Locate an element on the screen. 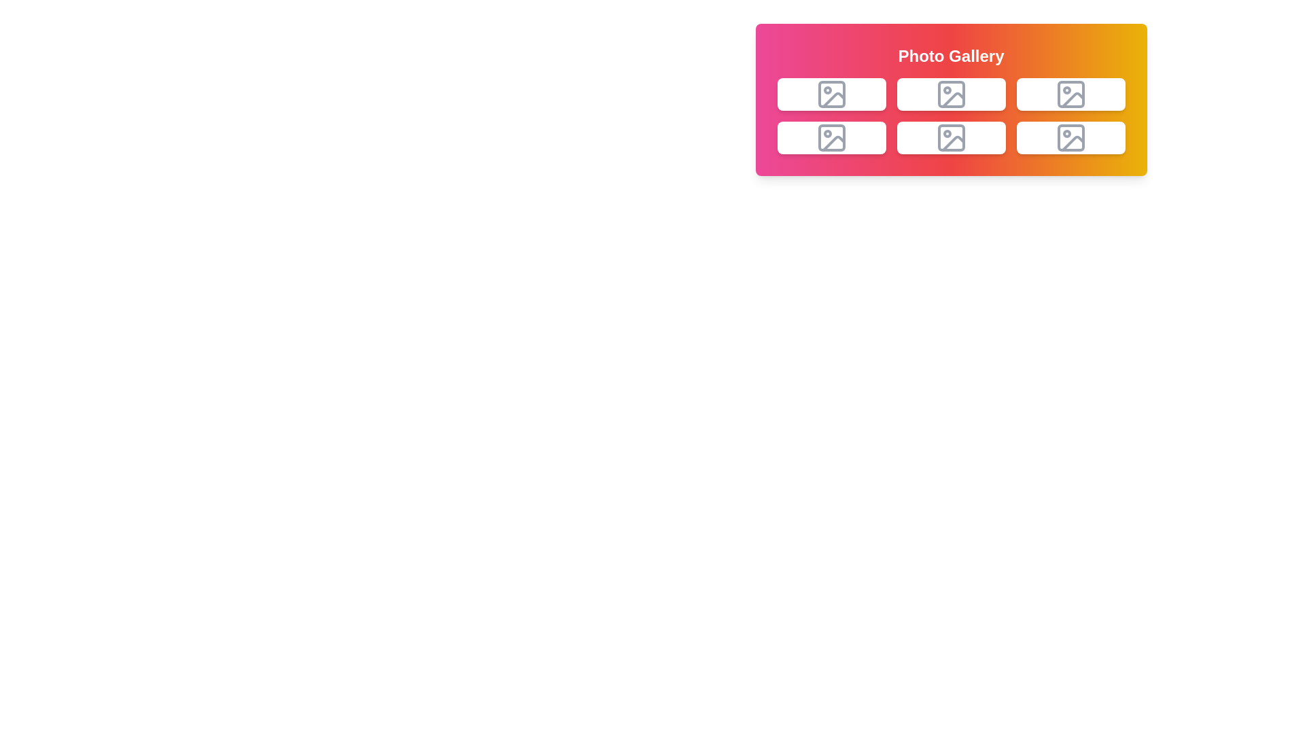 The height and width of the screenshot is (734, 1305). the 'view' or 'preview' icon located at the bottom right corner of the grid in the 'Photo Gallery' section, which enables users is located at coordinates (1052, 138).